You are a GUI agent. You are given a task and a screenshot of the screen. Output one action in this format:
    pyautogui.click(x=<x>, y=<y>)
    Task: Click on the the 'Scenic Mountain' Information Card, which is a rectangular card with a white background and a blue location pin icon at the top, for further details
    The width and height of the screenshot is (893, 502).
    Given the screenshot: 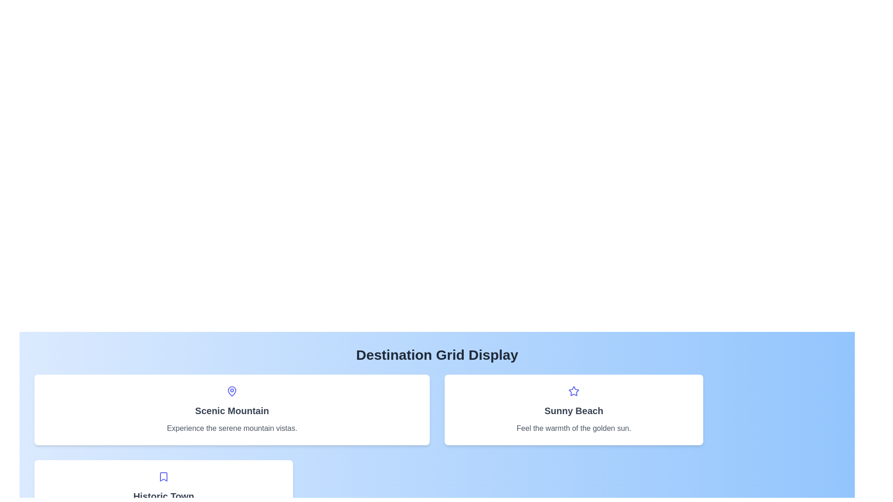 What is the action you would take?
    pyautogui.click(x=232, y=410)
    